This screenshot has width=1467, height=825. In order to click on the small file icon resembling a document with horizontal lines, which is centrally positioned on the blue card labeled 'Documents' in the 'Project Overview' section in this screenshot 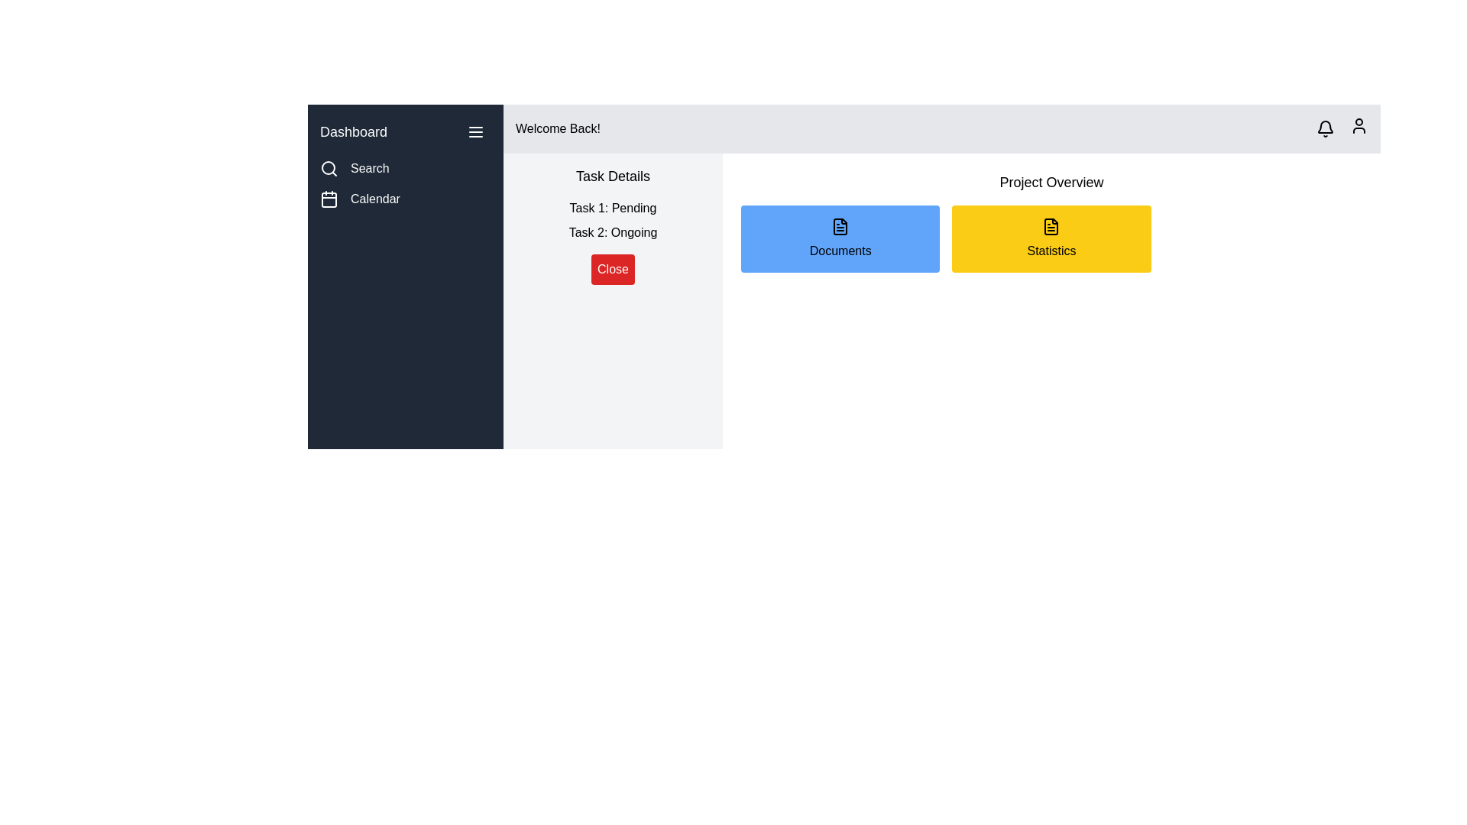, I will do `click(840, 227)`.